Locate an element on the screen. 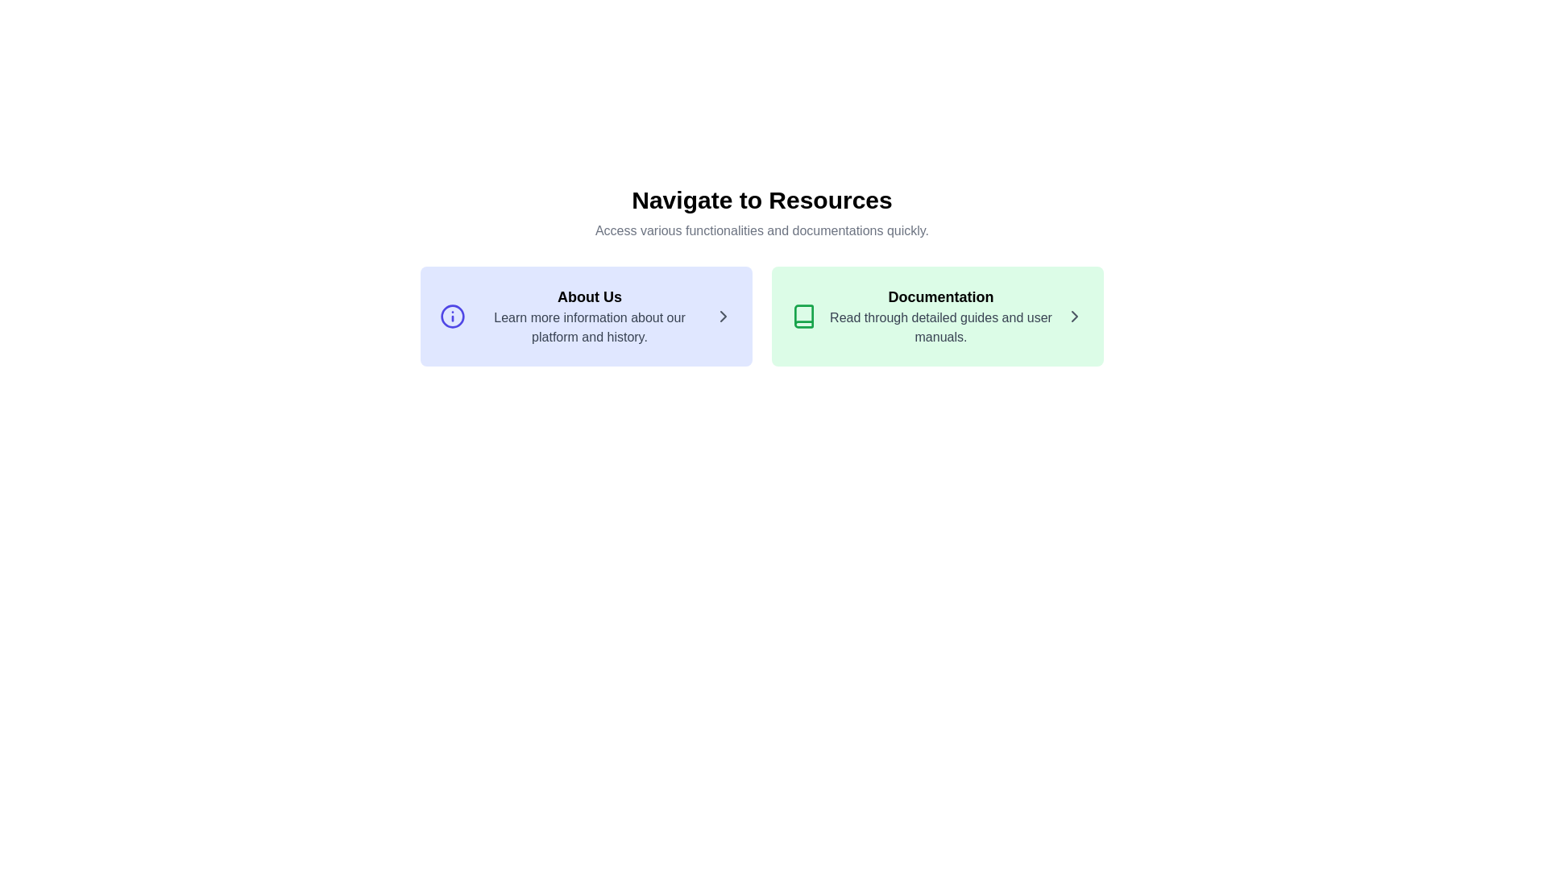  the circular icon with a blue outline and a stylized lowercase 'i' in the center, located to the left of the 'About Us' section is located at coordinates (451, 317).